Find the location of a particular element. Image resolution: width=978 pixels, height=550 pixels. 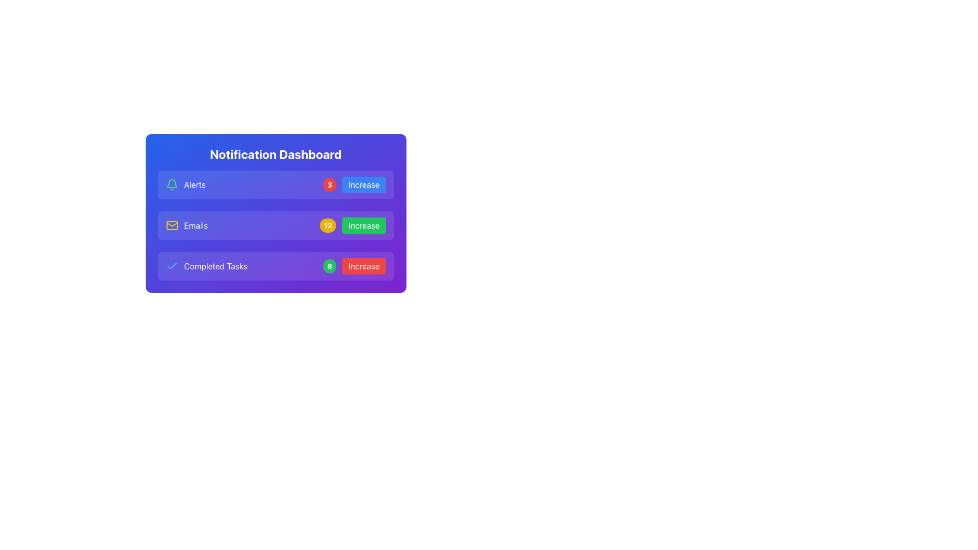

the 'Alerts' text label, which indicates the section related to alerts or notifications, positioned to the right of the green bell icon at the top left of the notification interface is located at coordinates (185, 184).